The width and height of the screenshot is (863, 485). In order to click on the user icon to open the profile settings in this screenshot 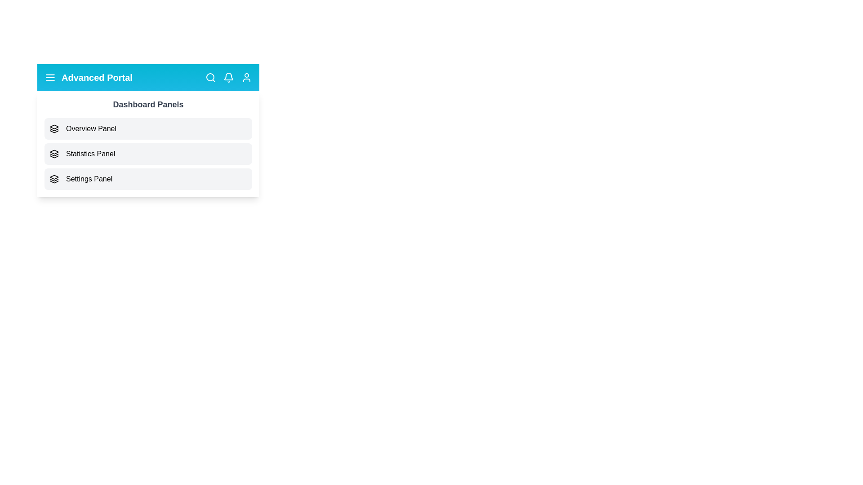, I will do `click(246, 77)`.